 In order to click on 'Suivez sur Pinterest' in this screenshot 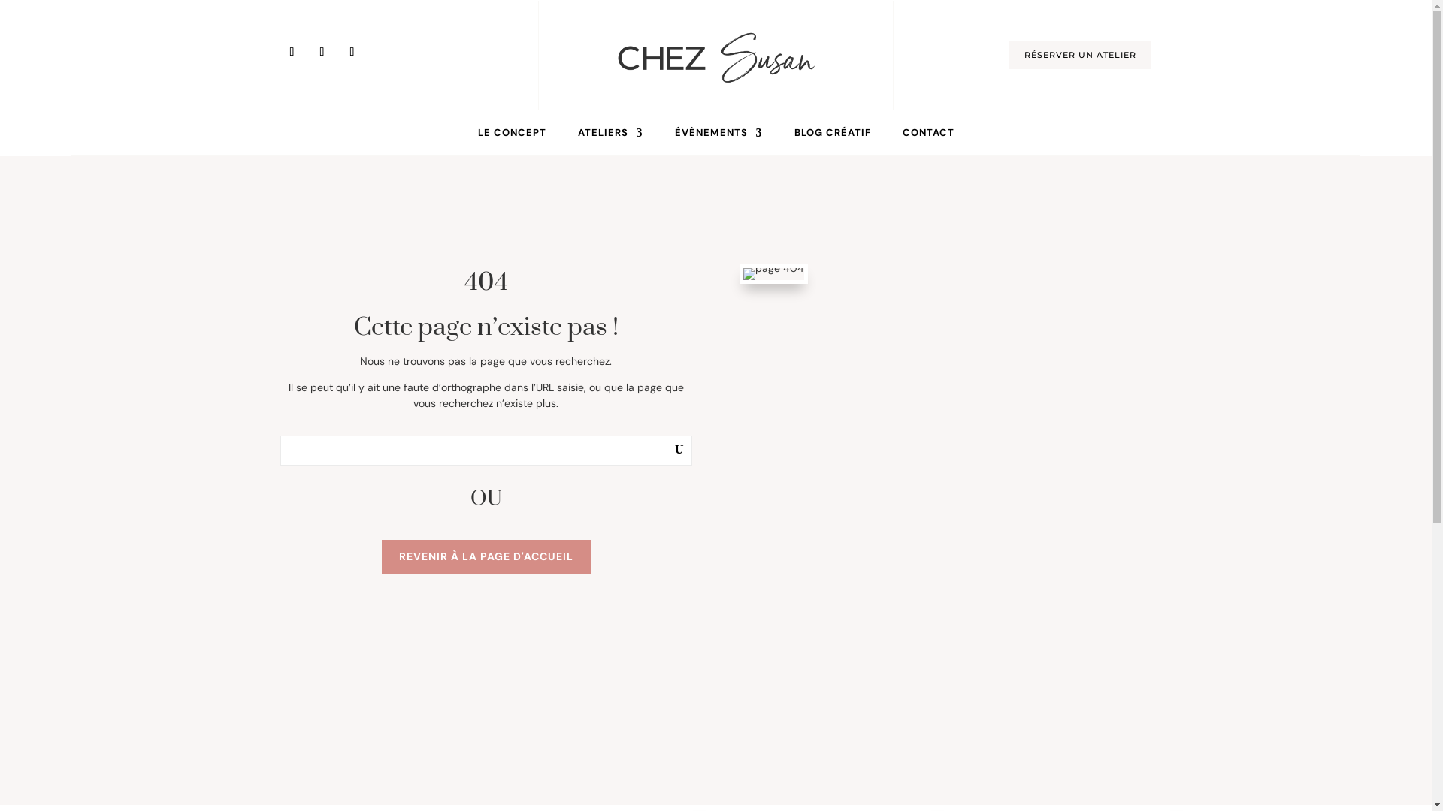, I will do `click(309, 51)`.